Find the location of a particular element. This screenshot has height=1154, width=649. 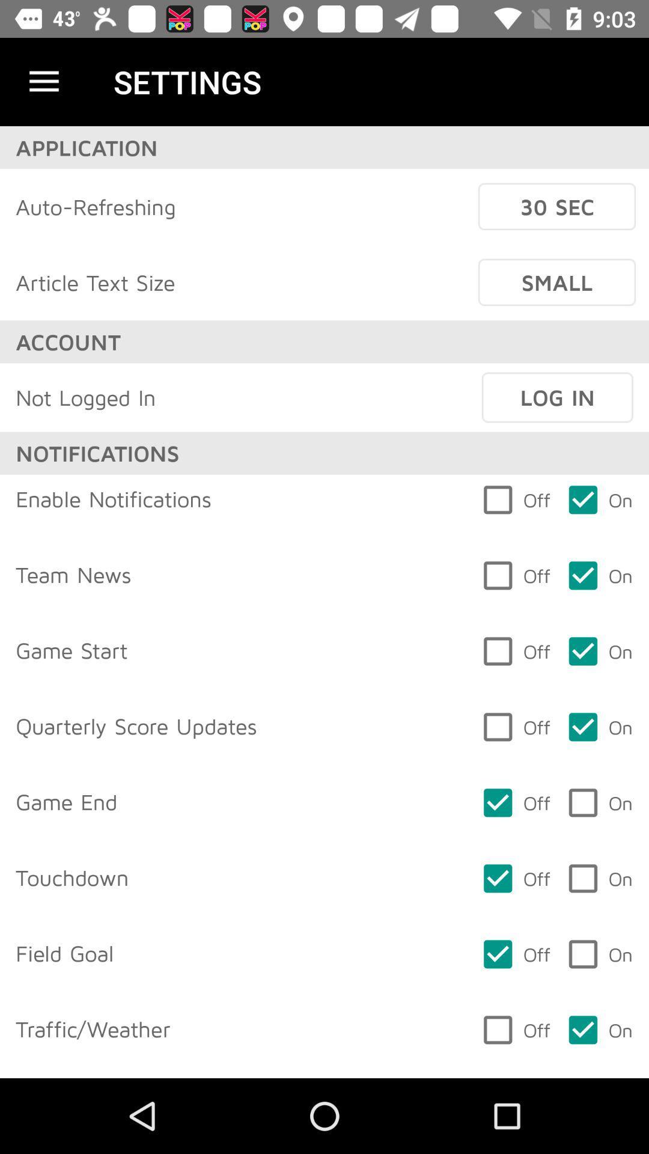

item to the left of the settings icon is located at coordinates (43, 81).